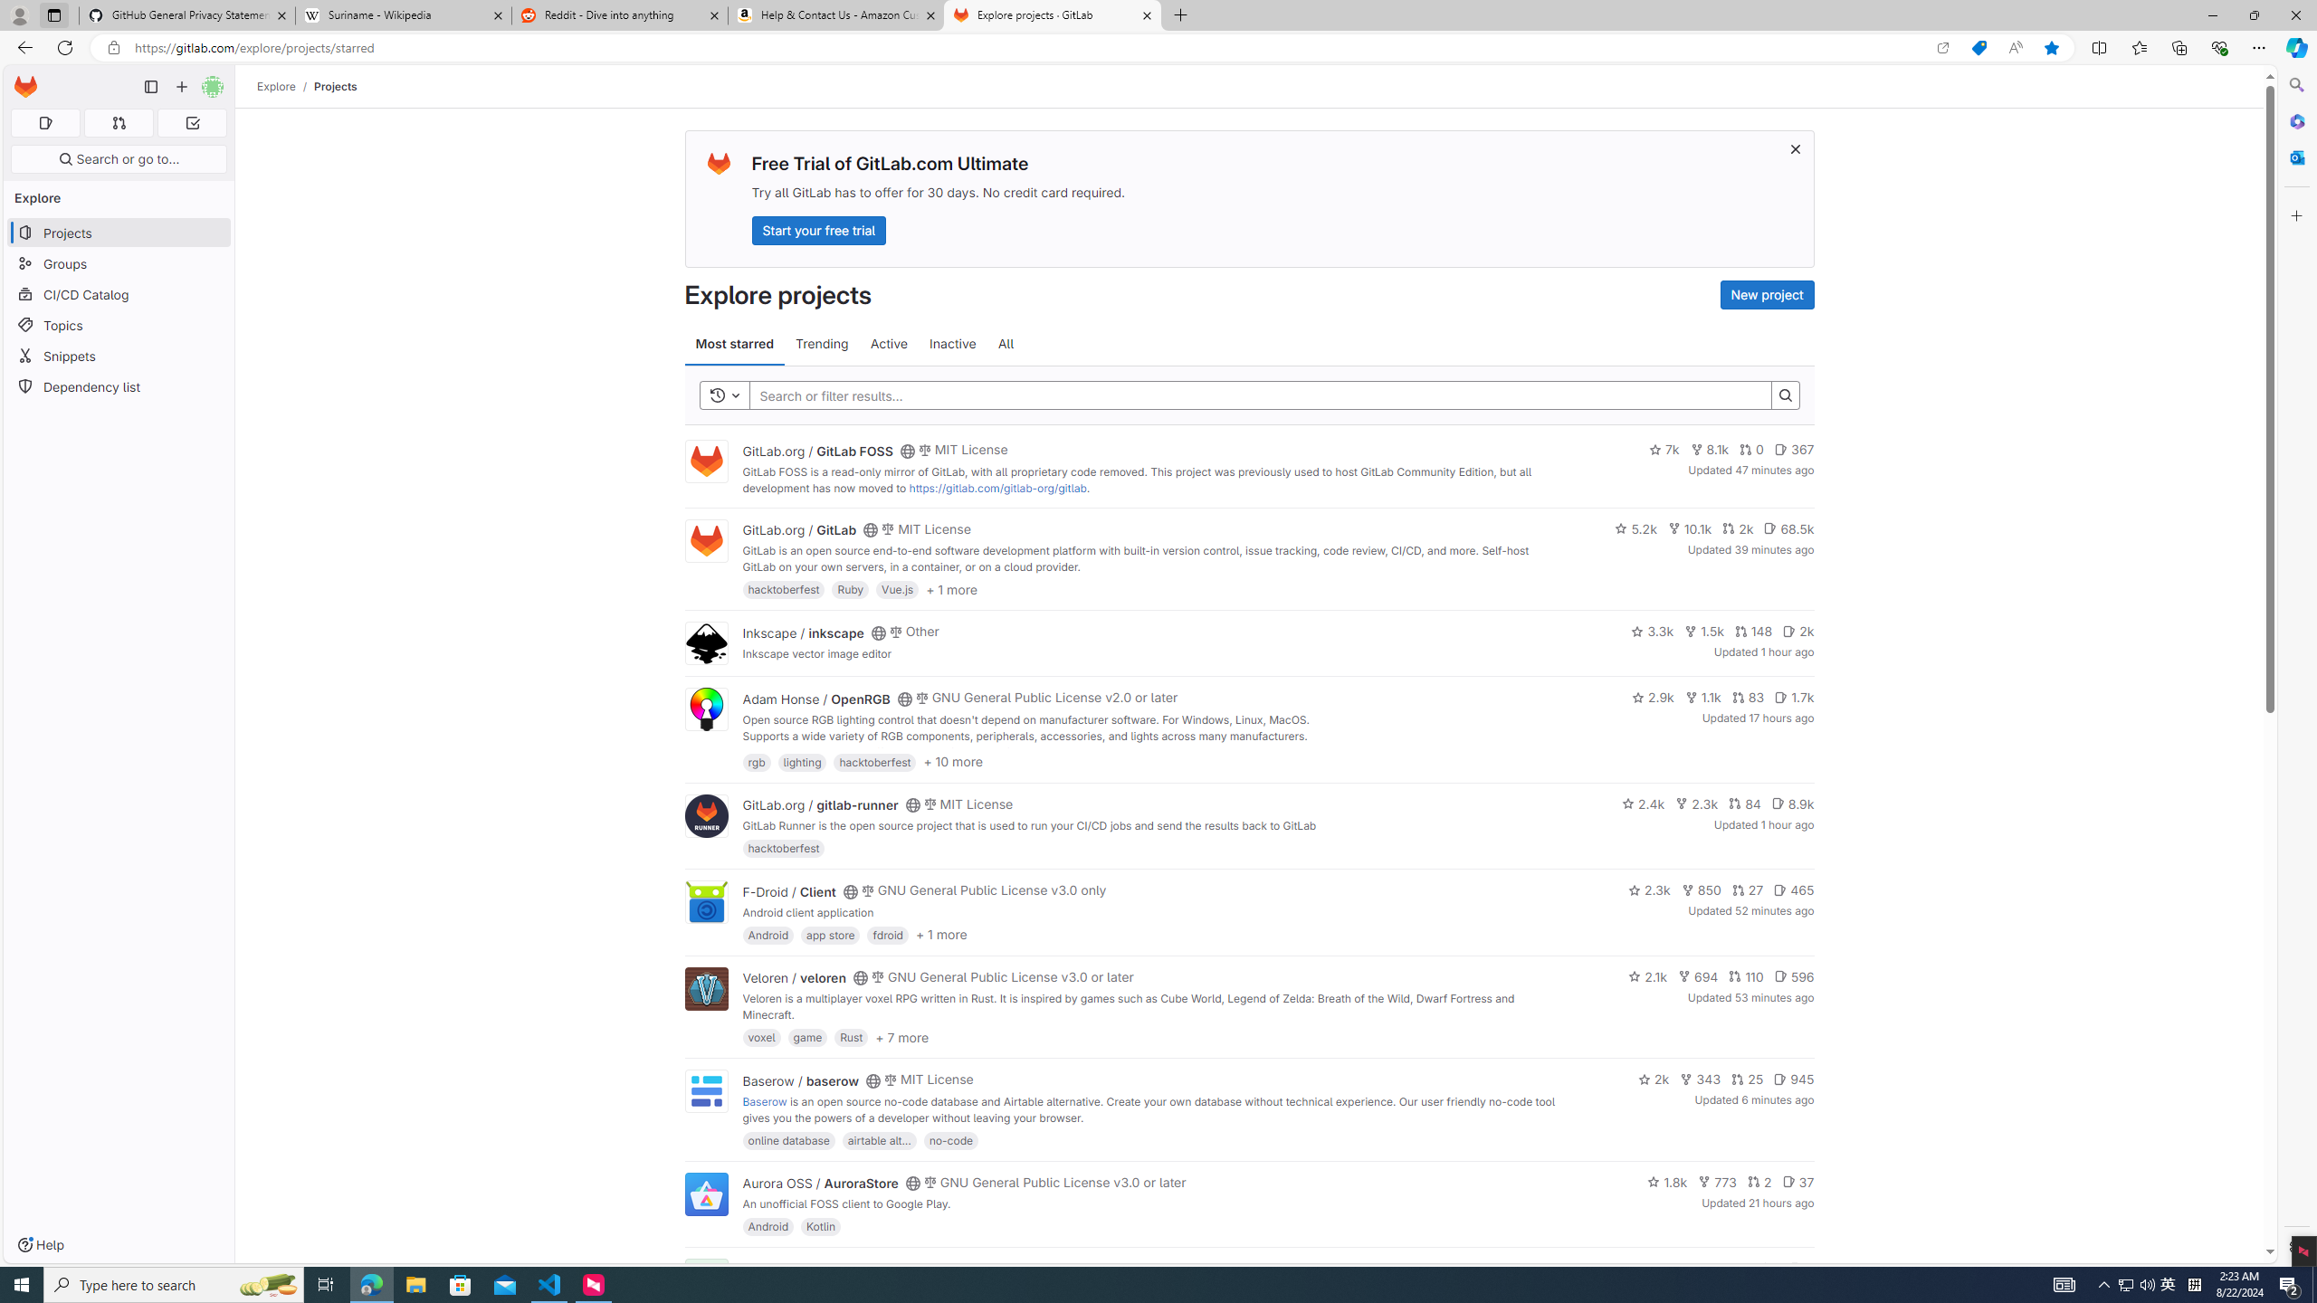 Image resolution: width=2317 pixels, height=1303 pixels. Describe the element at coordinates (1717, 1181) in the screenshot. I see `'773'` at that location.